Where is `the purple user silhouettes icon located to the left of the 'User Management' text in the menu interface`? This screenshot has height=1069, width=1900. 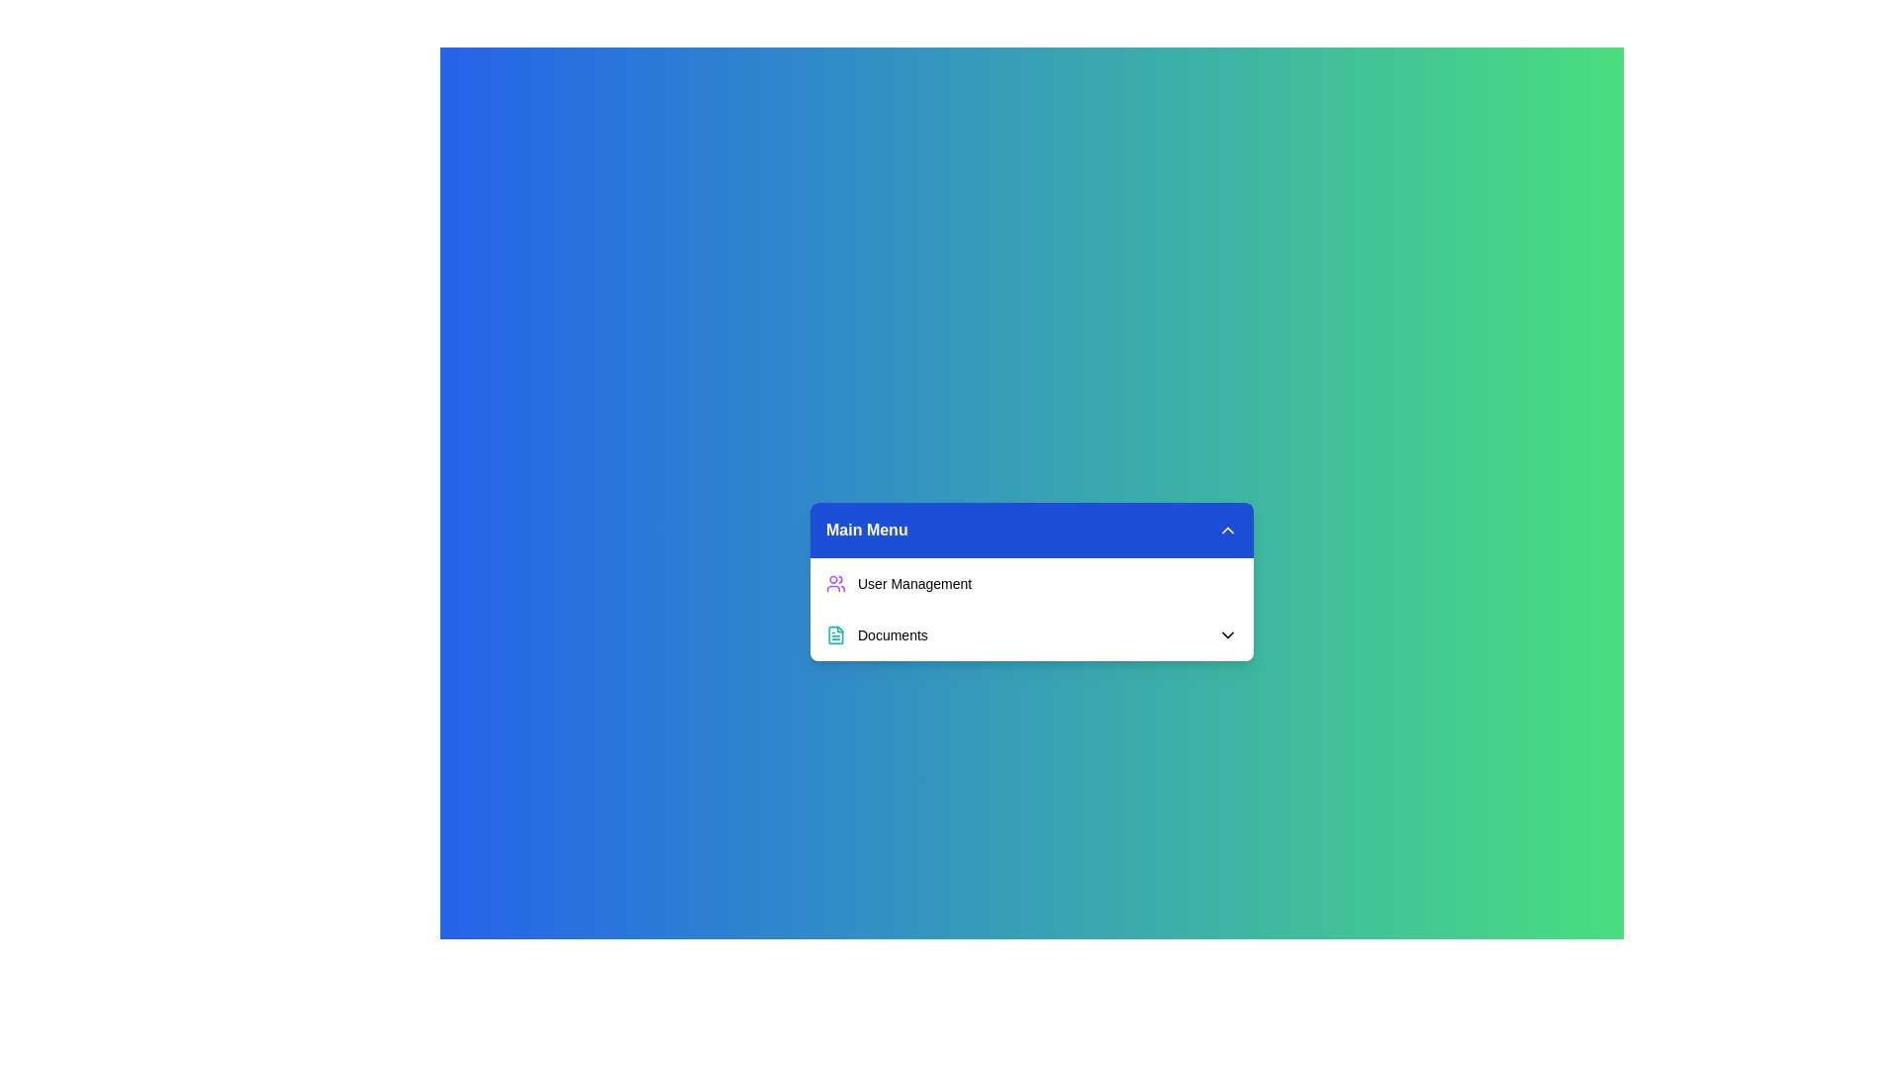 the purple user silhouettes icon located to the left of the 'User Management' text in the menu interface is located at coordinates (835, 583).